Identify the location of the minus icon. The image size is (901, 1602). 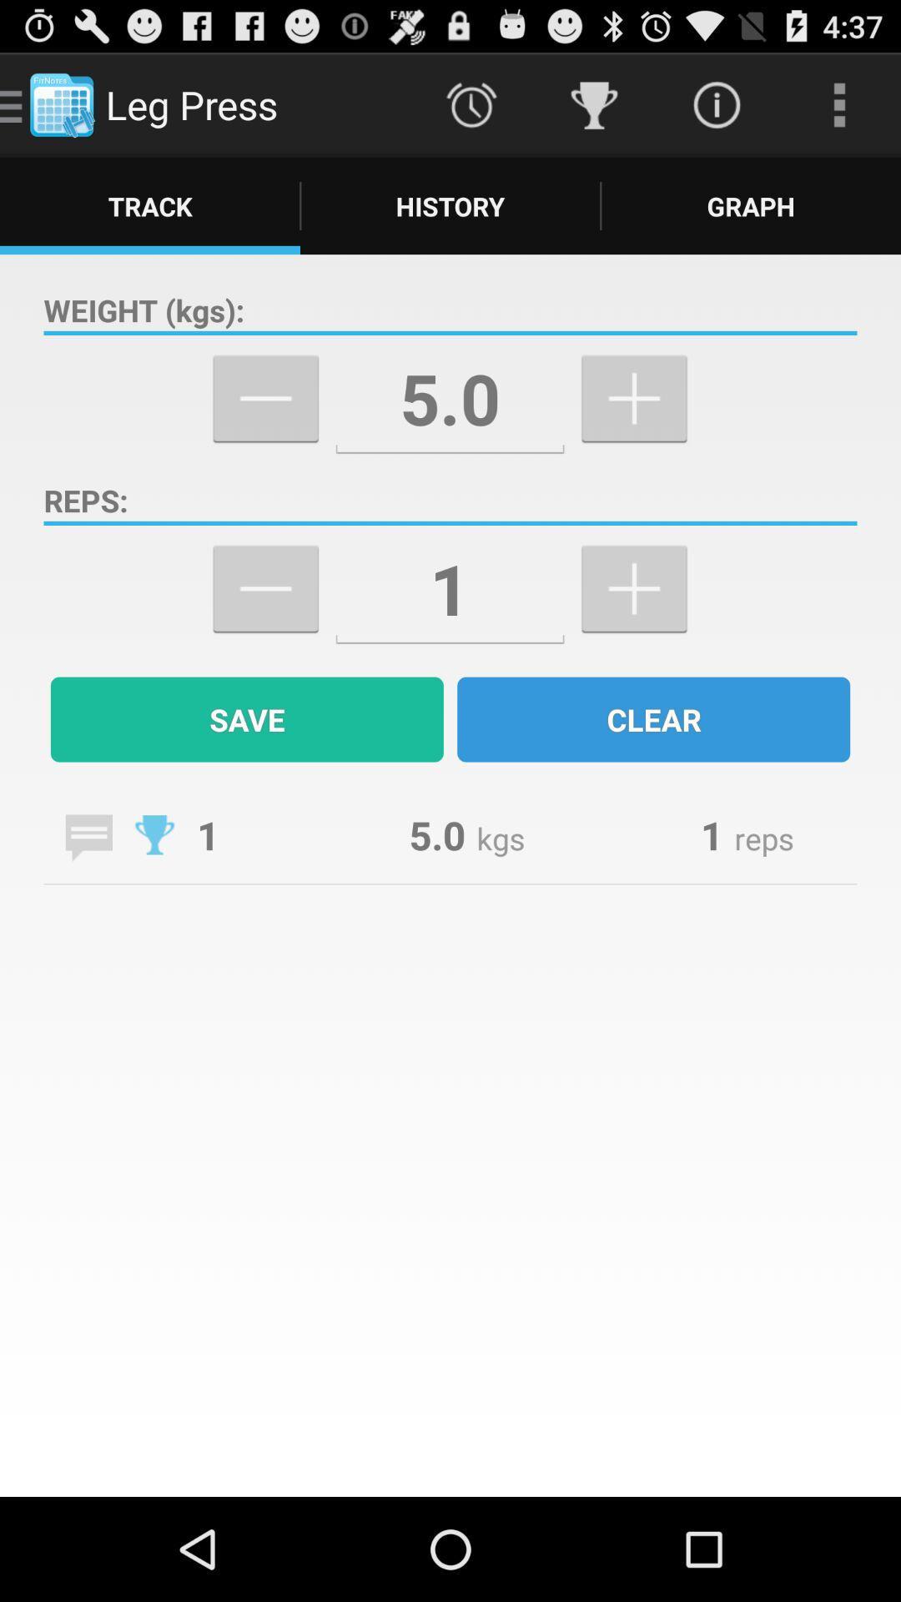
(264, 426).